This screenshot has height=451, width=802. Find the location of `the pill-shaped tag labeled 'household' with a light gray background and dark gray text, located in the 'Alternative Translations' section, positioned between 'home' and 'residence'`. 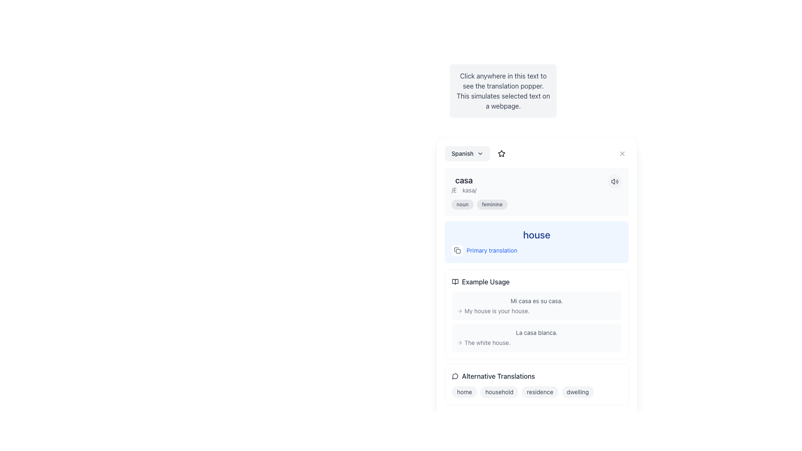

the pill-shaped tag labeled 'household' with a light gray background and dark gray text, located in the 'Alternative Translations' section, positioned between 'home' and 'residence' is located at coordinates (499, 392).